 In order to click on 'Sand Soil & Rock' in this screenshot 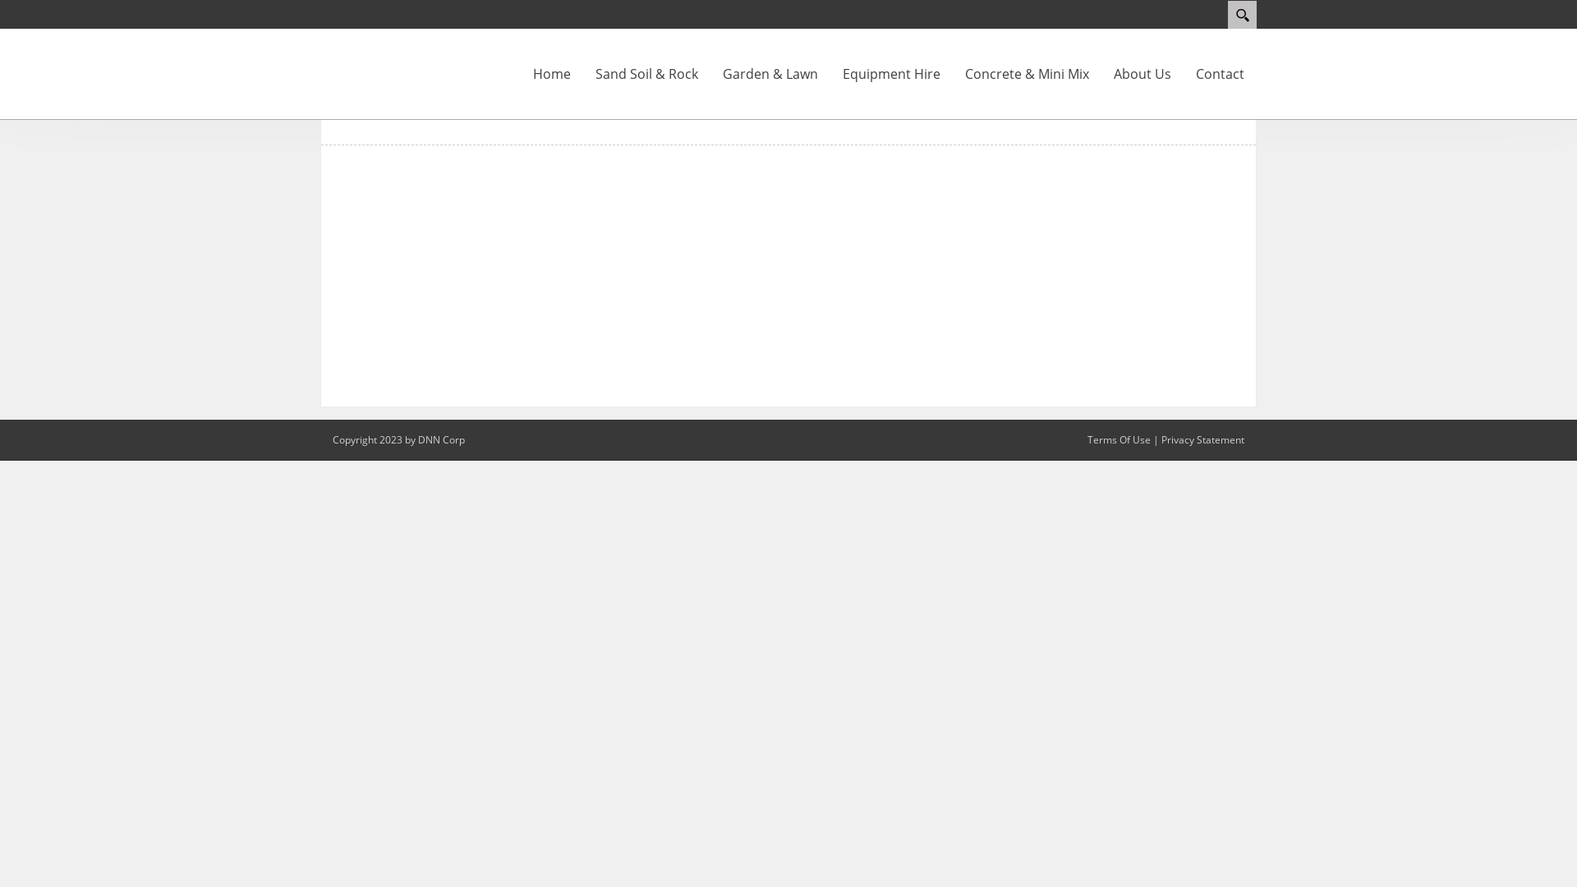, I will do `click(583, 72)`.